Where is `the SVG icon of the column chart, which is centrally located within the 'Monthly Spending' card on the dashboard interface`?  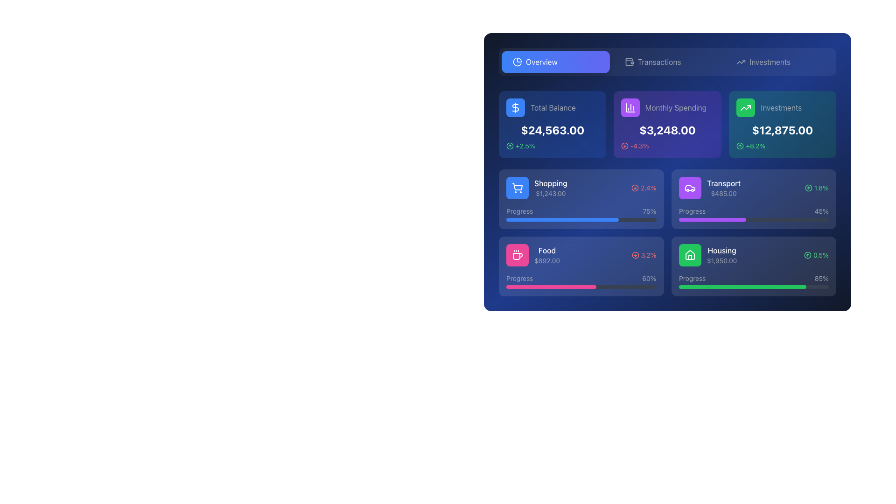 the SVG icon of the column chart, which is centrally located within the 'Monthly Spending' card on the dashboard interface is located at coordinates (630, 107).